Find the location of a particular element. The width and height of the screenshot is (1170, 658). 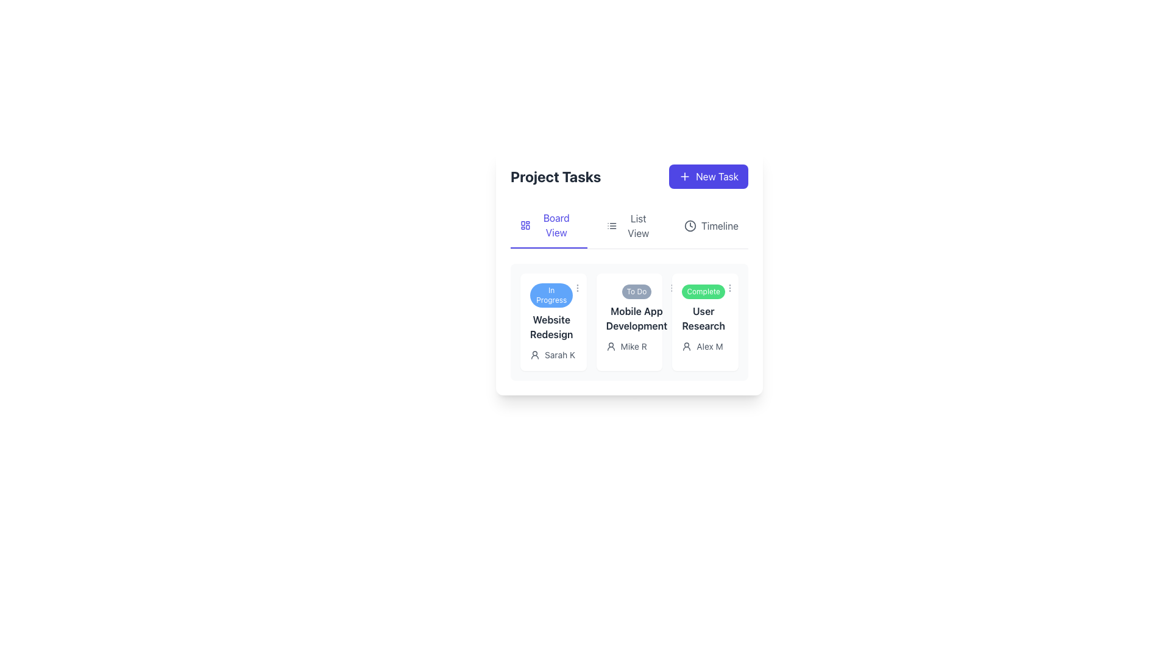

the User Identifier Component, which consists of a small user icon and the text 'Alex M' styled in dark-gray font, located within the 'User Research' card under the 'Complete' status is located at coordinates (705, 347).